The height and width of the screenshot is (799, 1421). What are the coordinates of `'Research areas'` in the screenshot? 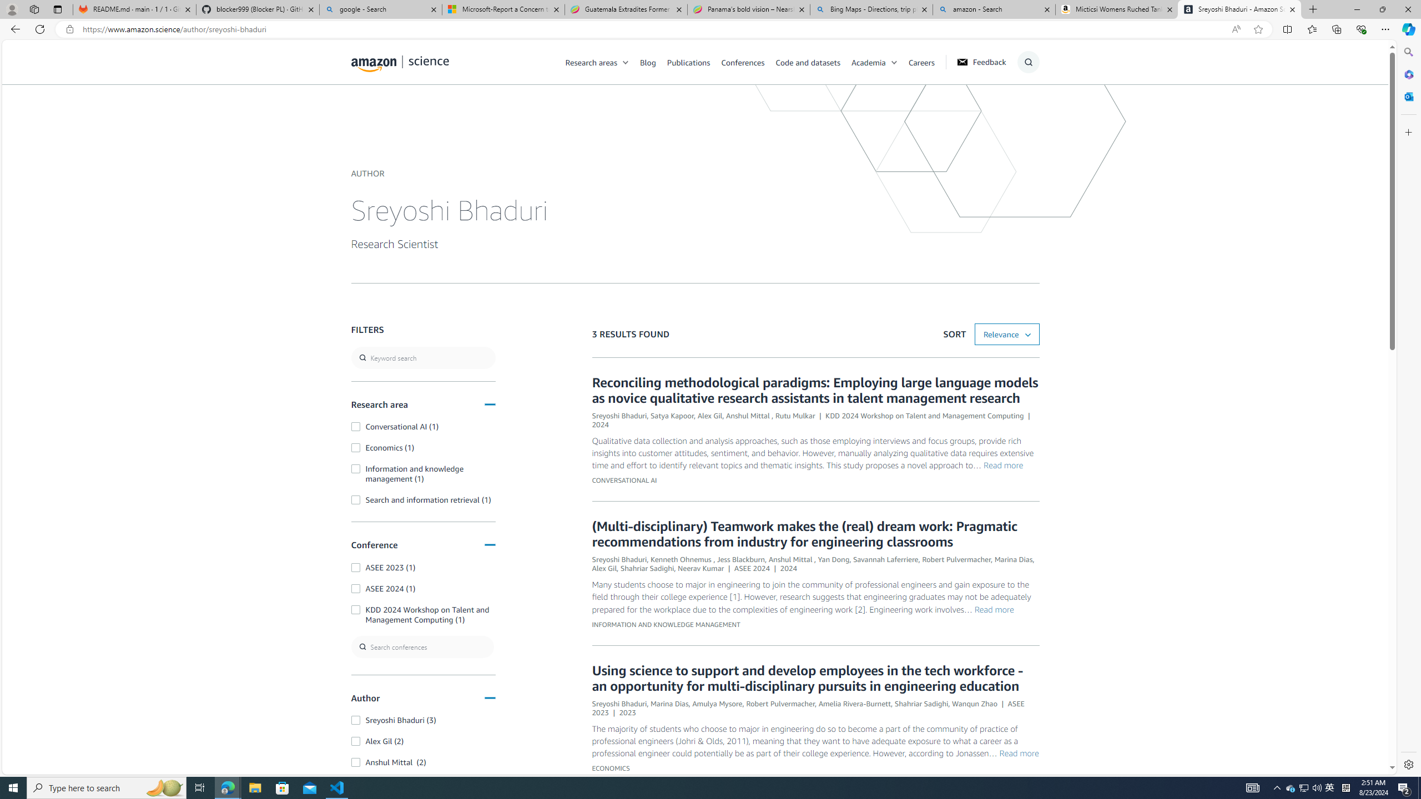 It's located at (602, 62).